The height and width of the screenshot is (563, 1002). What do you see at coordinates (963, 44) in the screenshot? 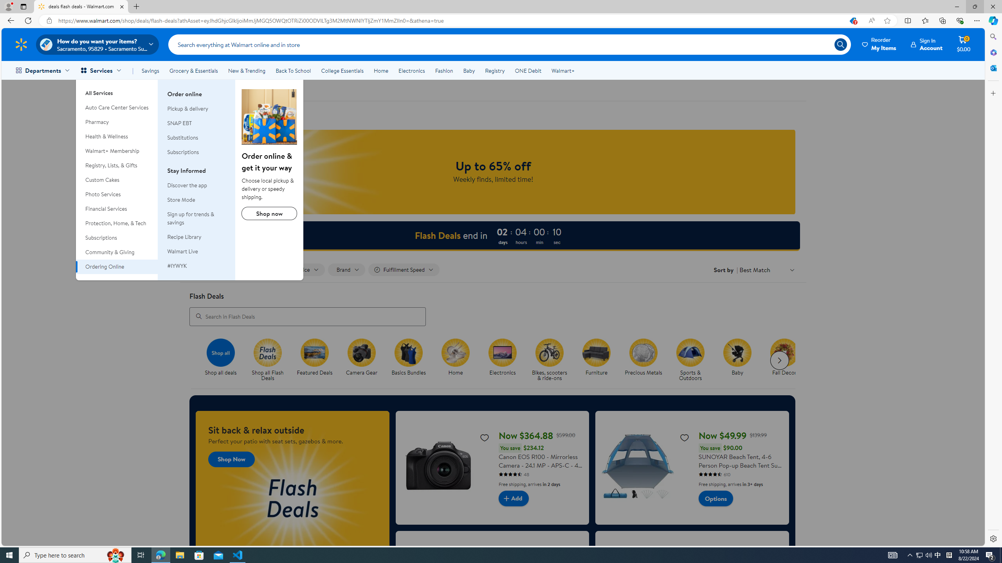
I see `'Cart contains 0 items Total Amount $0.00'` at bounding box center [963, 44].